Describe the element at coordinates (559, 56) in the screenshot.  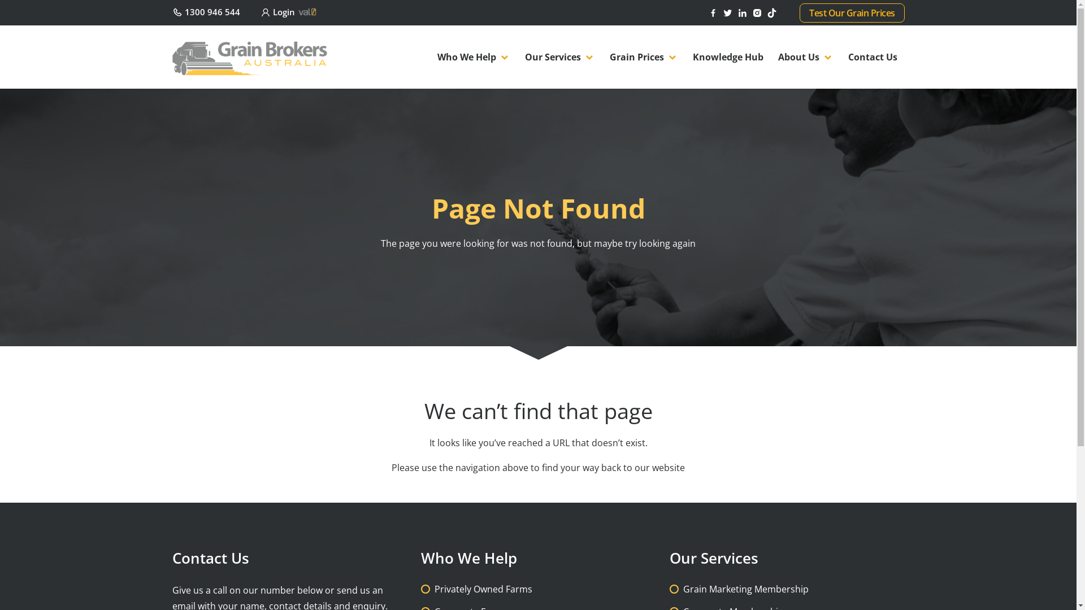
I see `'Our Services'` at that location.